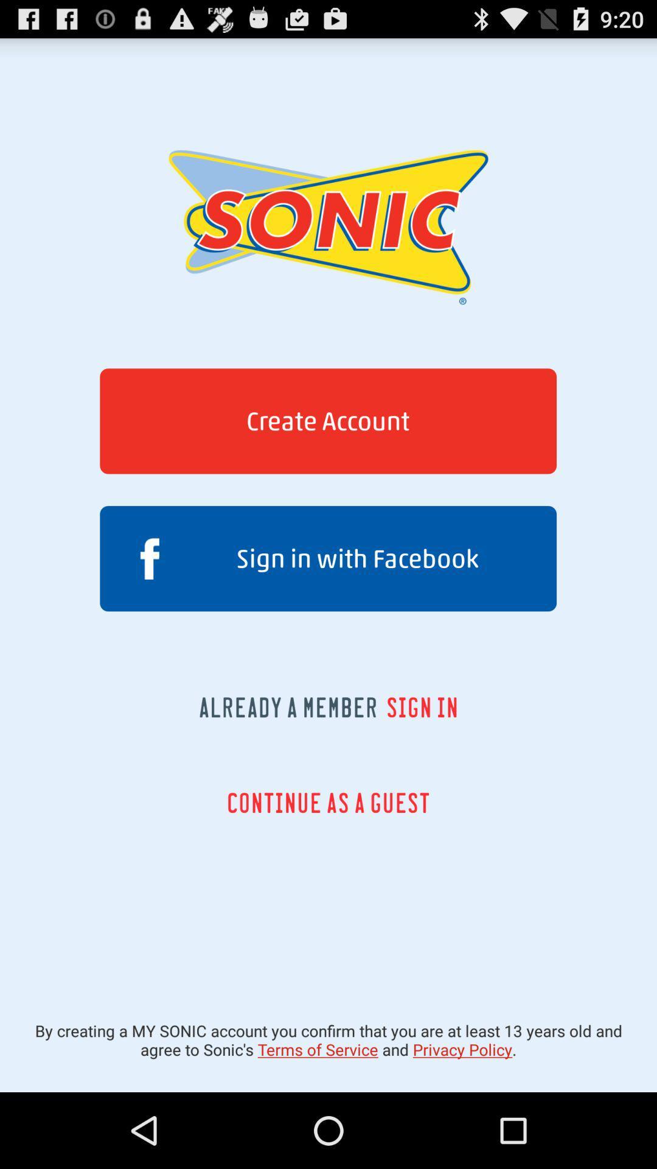 This screenshot has height=1169, width=657. I want to click on the create account button, so click(327, 421).